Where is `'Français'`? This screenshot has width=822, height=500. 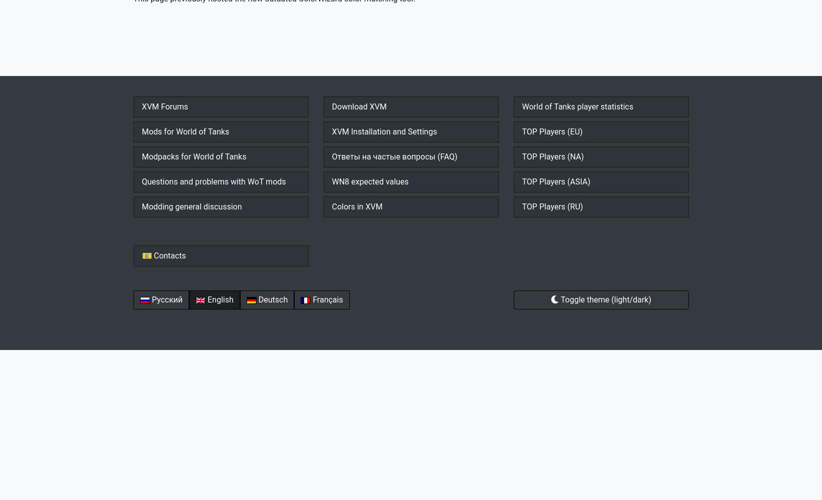 'Français' is located at coordinates (326, 299).